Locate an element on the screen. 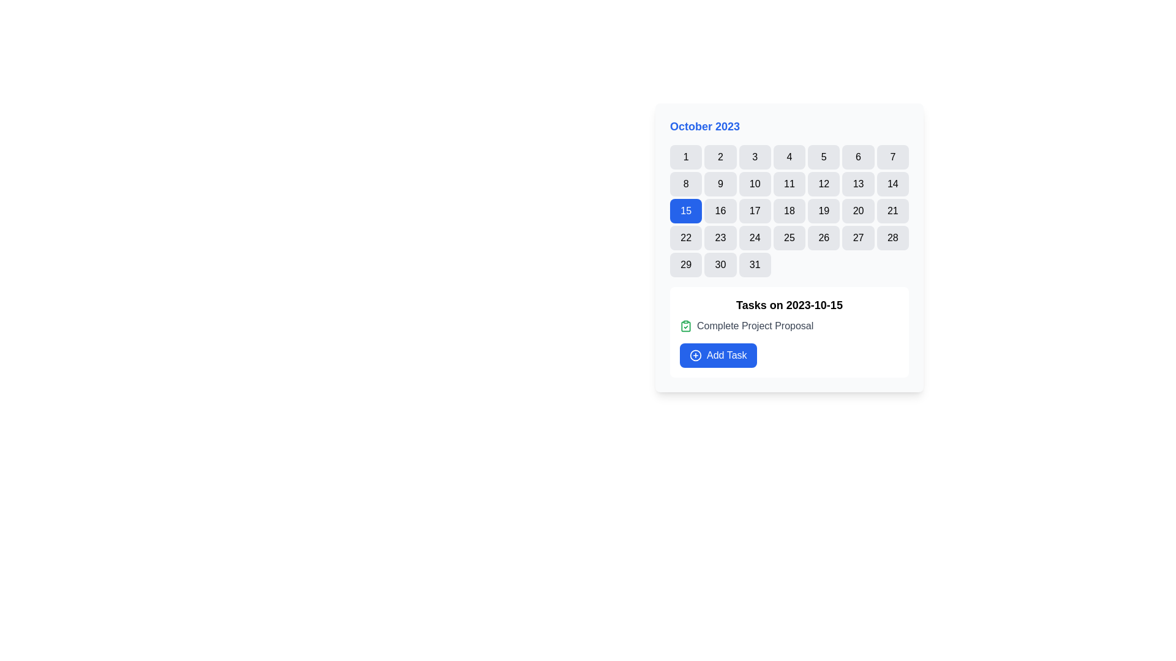 Image resolution: width=1176 pixels, height=661 pixels. the button representing the fourth day of the calendar is located at coordinates (789, 157).